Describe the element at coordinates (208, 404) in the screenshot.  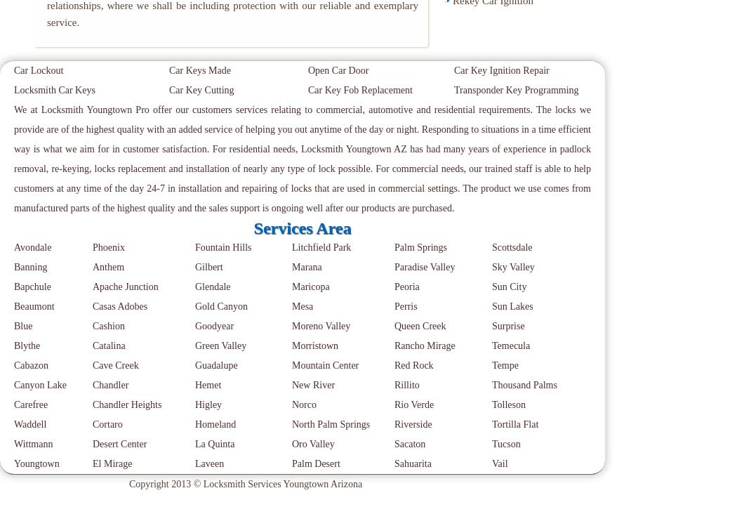
I see `'Higley'` at that location.